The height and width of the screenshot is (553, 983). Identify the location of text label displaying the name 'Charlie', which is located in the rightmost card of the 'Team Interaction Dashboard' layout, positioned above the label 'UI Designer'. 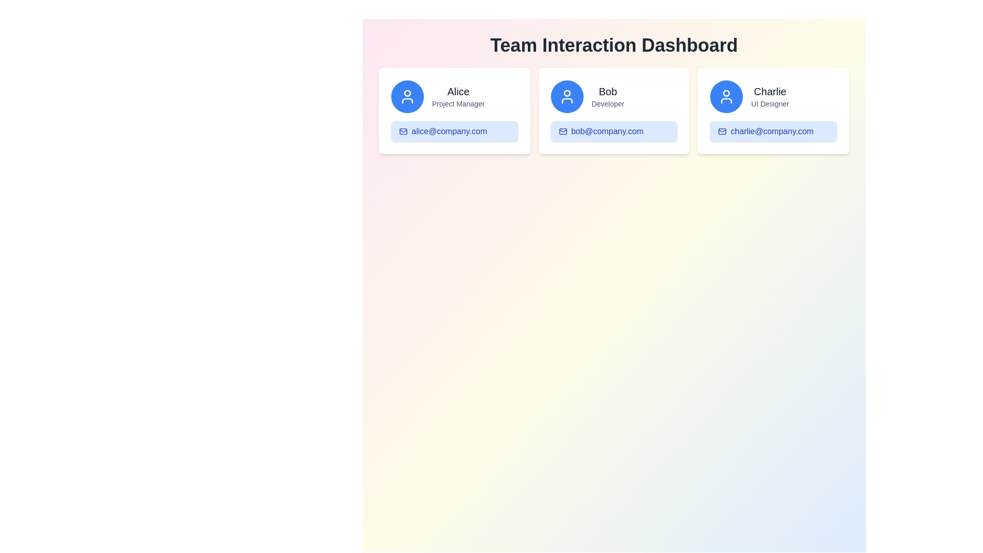
(770, 91).